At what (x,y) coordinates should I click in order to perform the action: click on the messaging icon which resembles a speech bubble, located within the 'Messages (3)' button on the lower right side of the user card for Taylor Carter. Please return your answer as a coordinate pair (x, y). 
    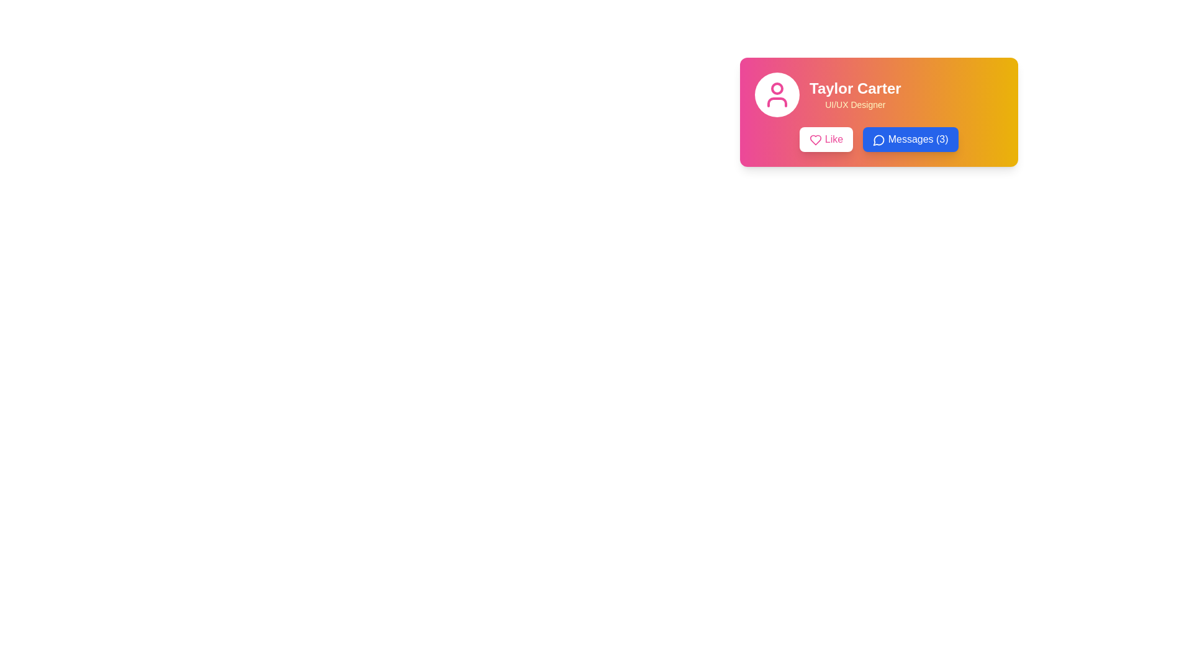
    Looking at the image, I should click on (878, 140).